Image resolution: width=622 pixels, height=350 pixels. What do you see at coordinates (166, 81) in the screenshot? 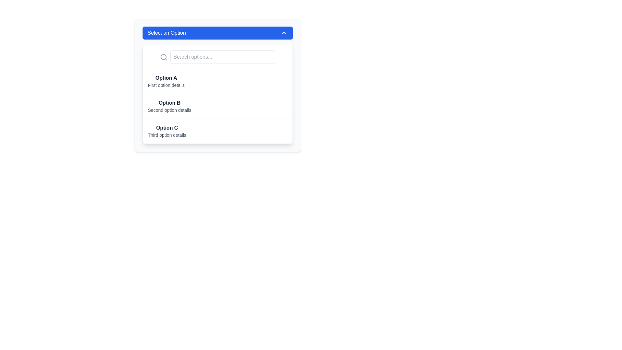
I see `the first selectable option in the dropdown menu, which includes a main title and description for clarity` at bounding box center [166, 81].